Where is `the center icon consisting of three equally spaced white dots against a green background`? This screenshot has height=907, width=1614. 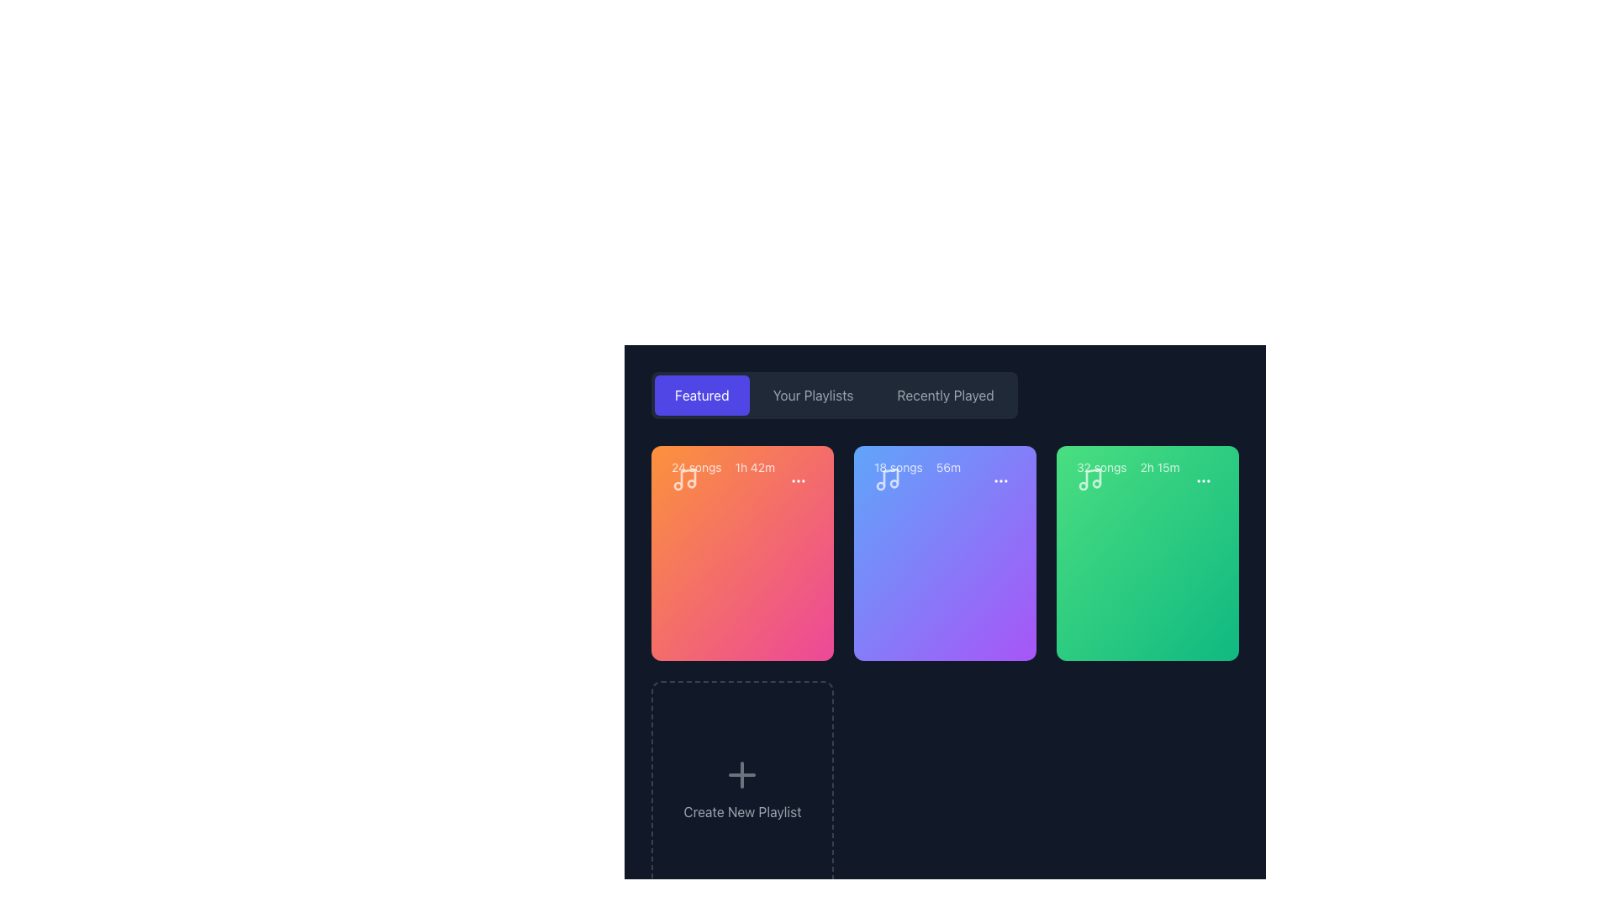 the center icon consisting of three equally spaced white dots against a green background is located at coordinates (1202, 481).